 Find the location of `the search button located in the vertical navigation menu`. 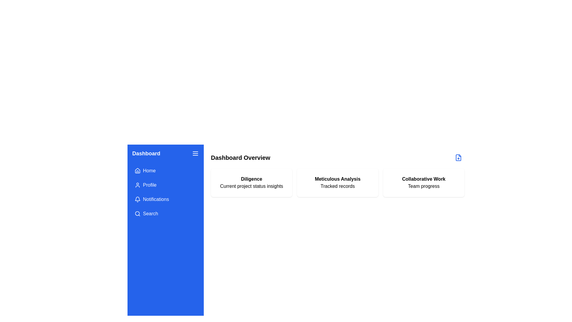

the search button located in the vertical navigation menu is located at coordinates (166, 213).